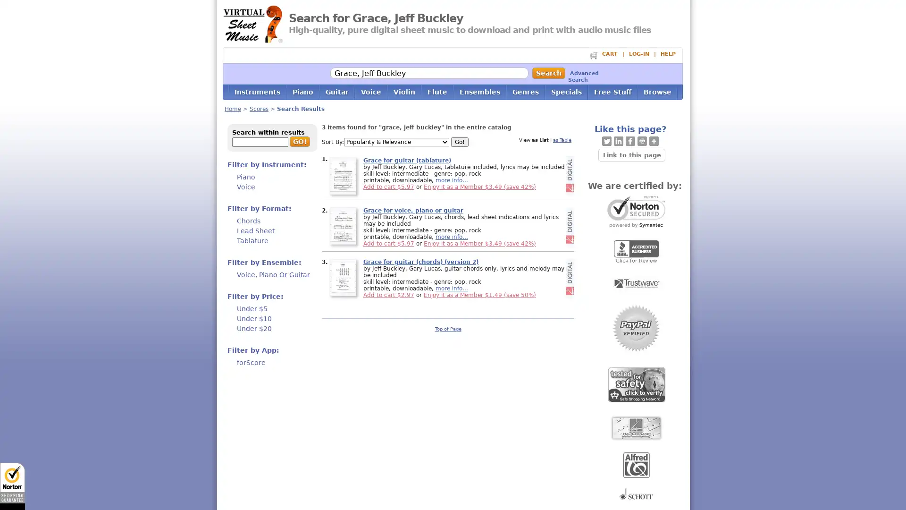 The image size is (906, 510). I want to click on Go!, so click(460, 142).